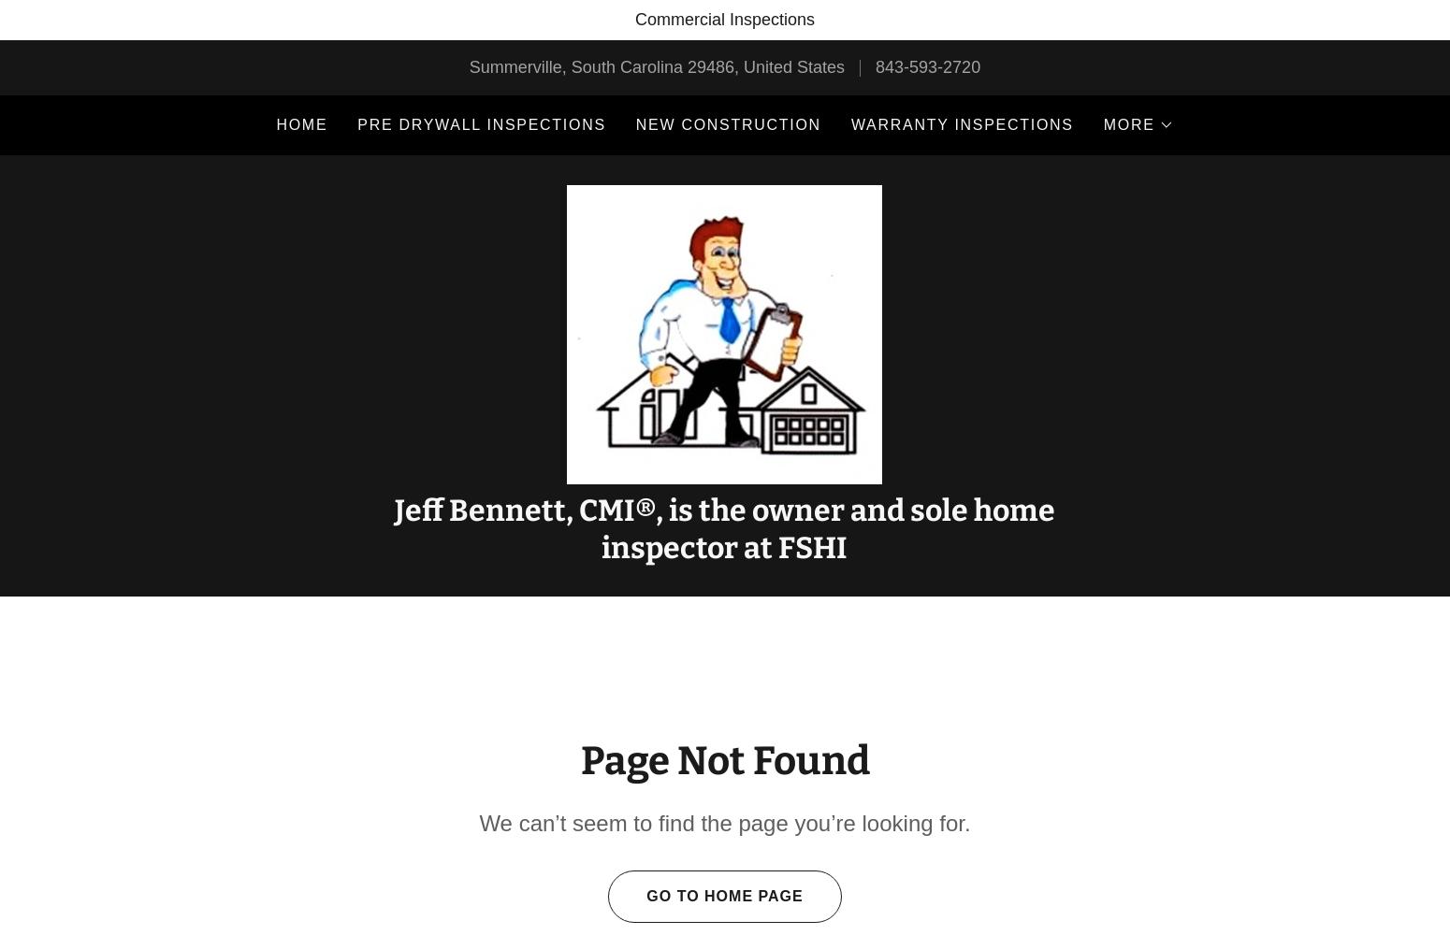 The image size is (1450, 935). What do you see at coordinates (724, 823) in the screenshot?
I see `'We can’t seem to find the page you’re looking for.'` at bounding box center [724, 823].